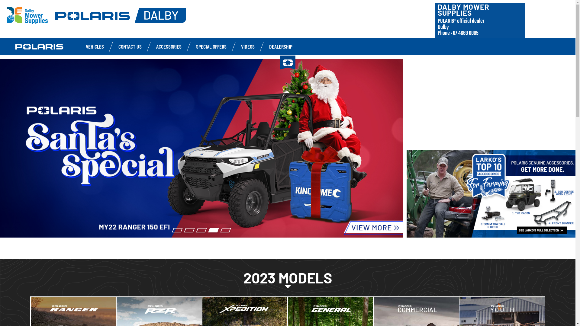 The width and height of the screenshot is (580, 326). I want to click on '5', so click(225, 230).